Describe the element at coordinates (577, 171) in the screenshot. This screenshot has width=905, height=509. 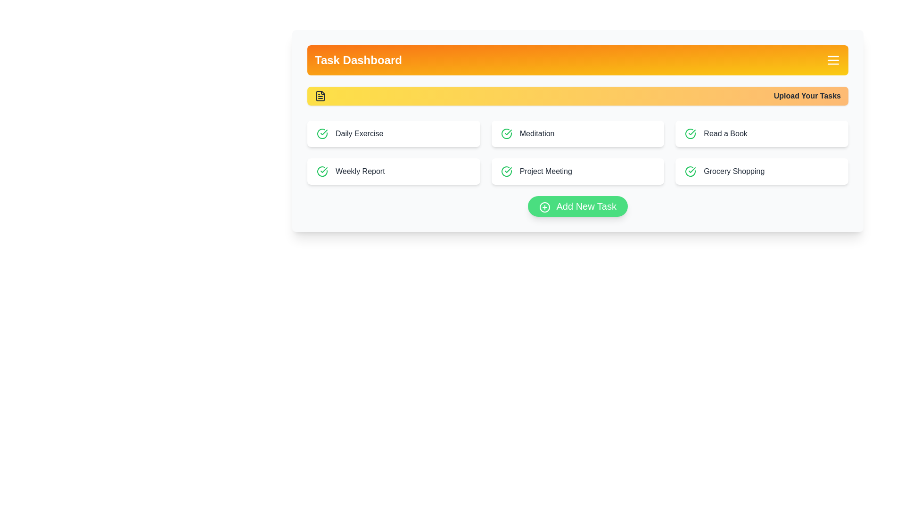
I see `the task 'Project Meeting' from the task list` at that location.